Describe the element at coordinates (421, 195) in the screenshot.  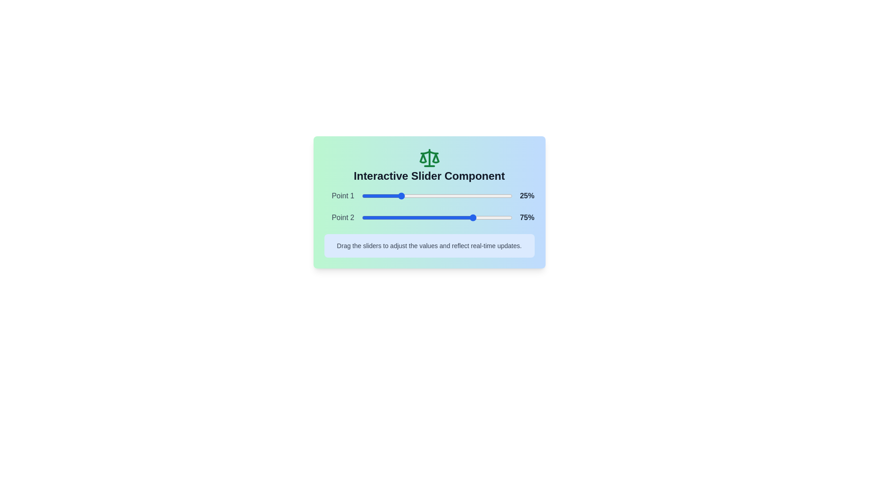
I see `the slider handle to set the value to 40% for slider 1` at that location.